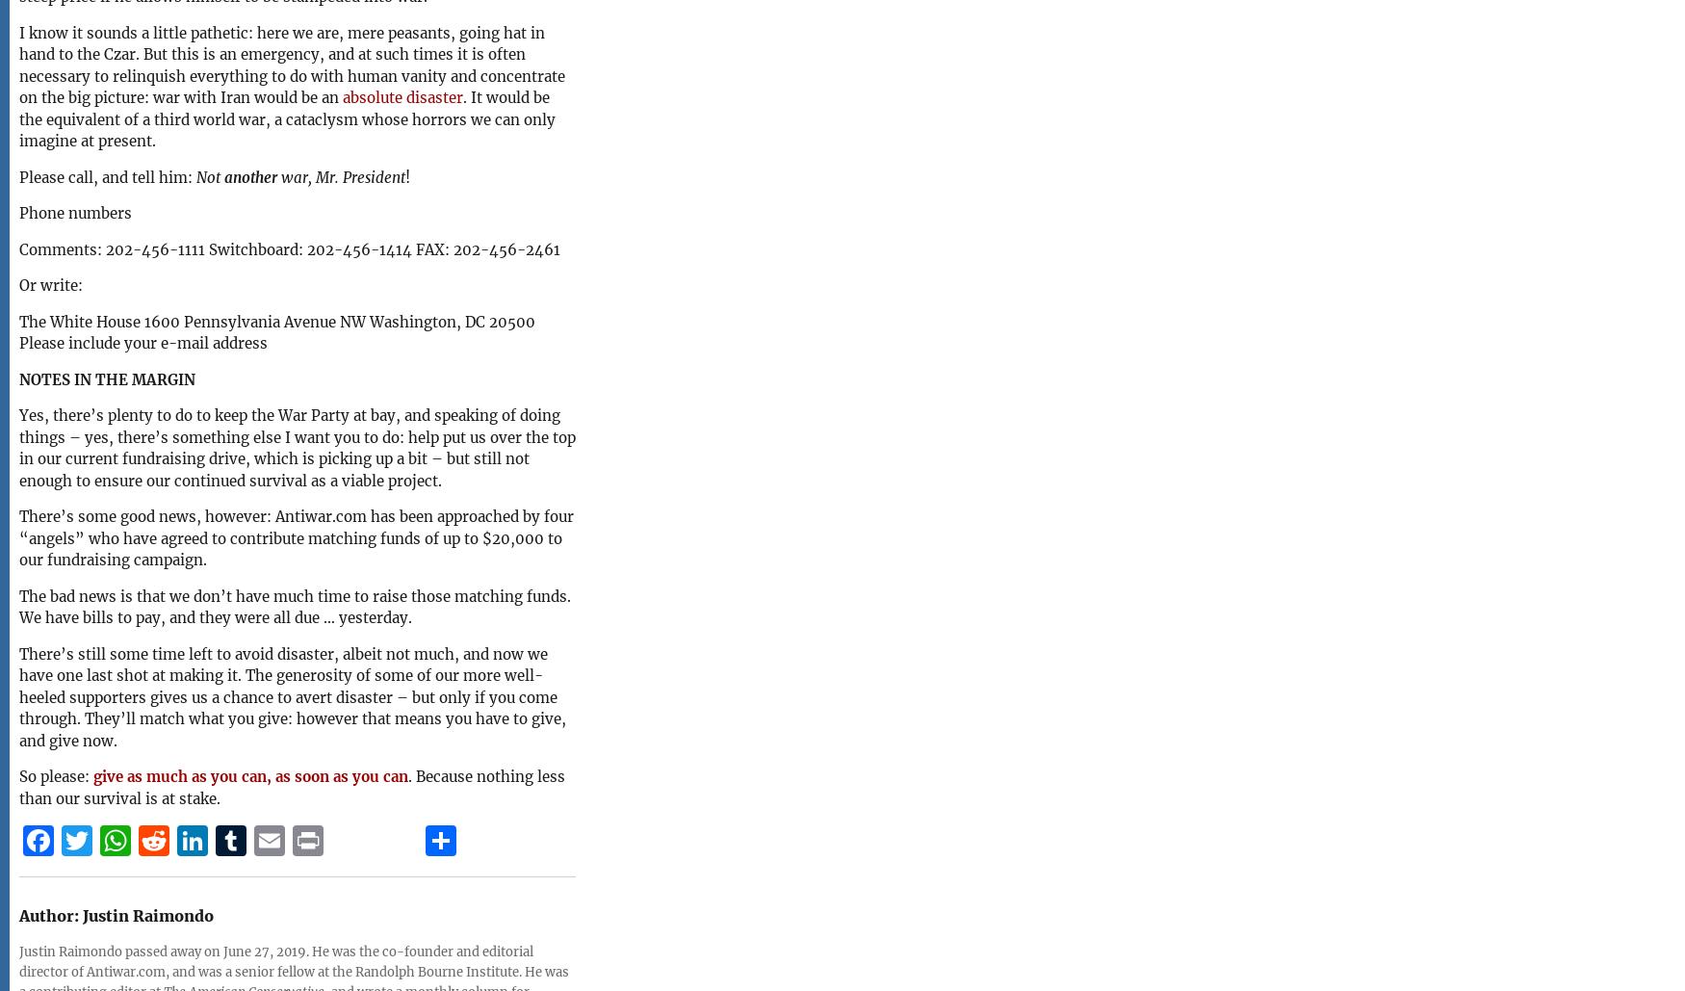  What do you see at coordinates (50, 285) in the screenshot?
I see `'Or write:'` at bounding box center [50, 285].